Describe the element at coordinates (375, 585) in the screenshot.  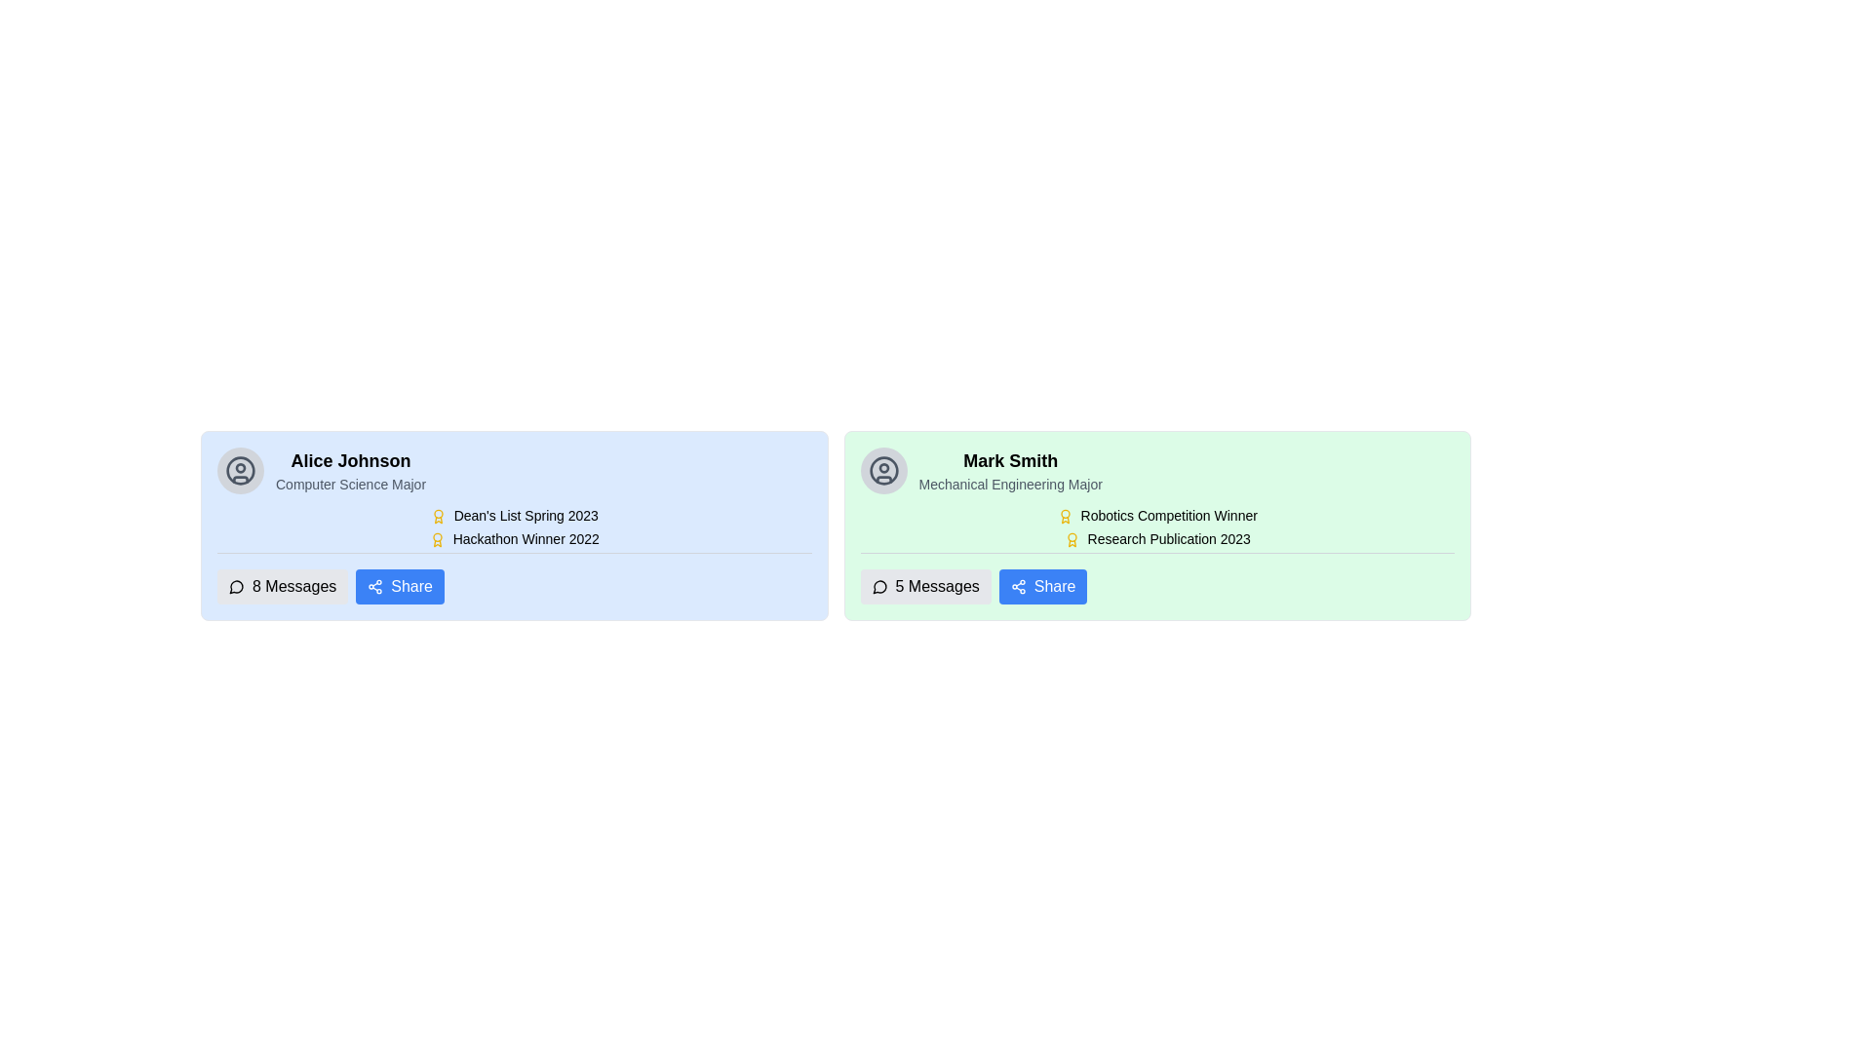
I see `the sharing icon located inside the 'Share' button at the bottom-right corner of Alice Johnson's profile card` at that location.